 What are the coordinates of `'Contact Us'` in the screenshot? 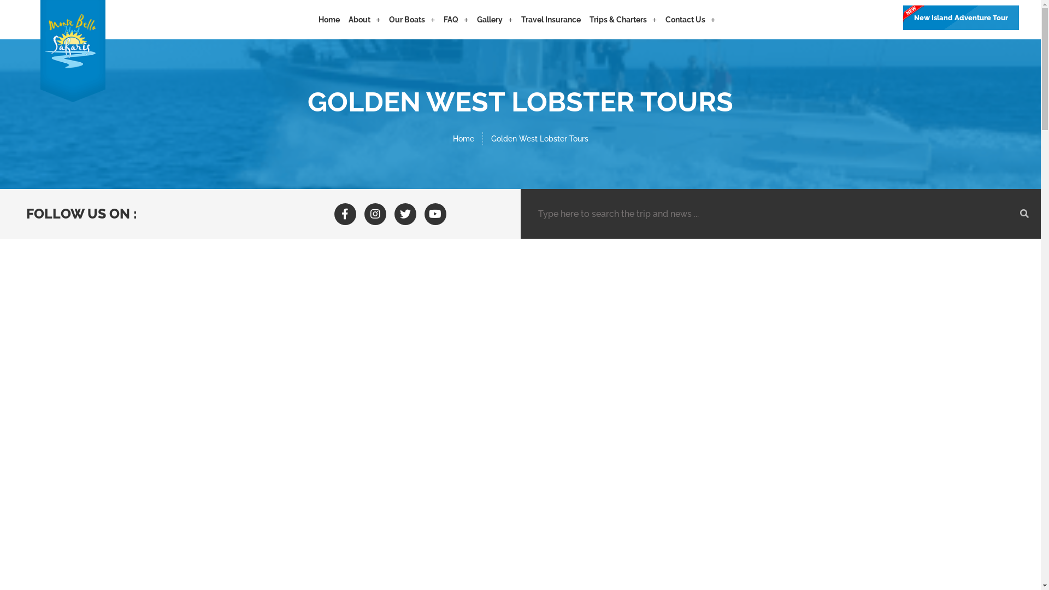 It's located at (689, 19).